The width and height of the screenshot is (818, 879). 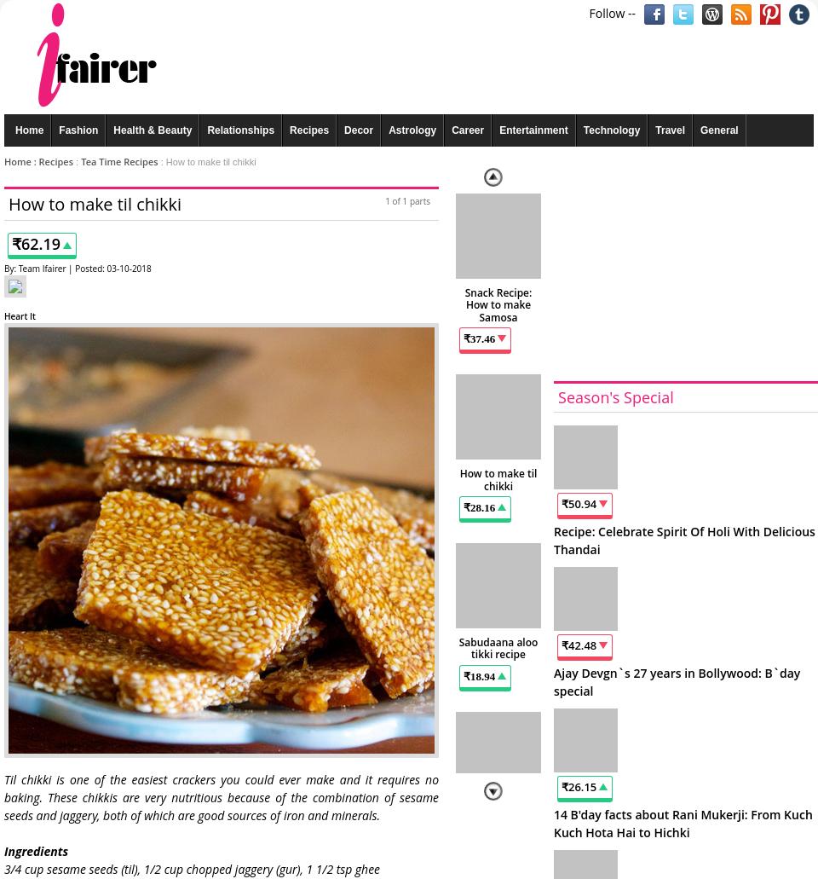 What do you see at coordinates (3, 315) in the screenshot?
I see `'Heart It'` at bounding box center [3, 315].